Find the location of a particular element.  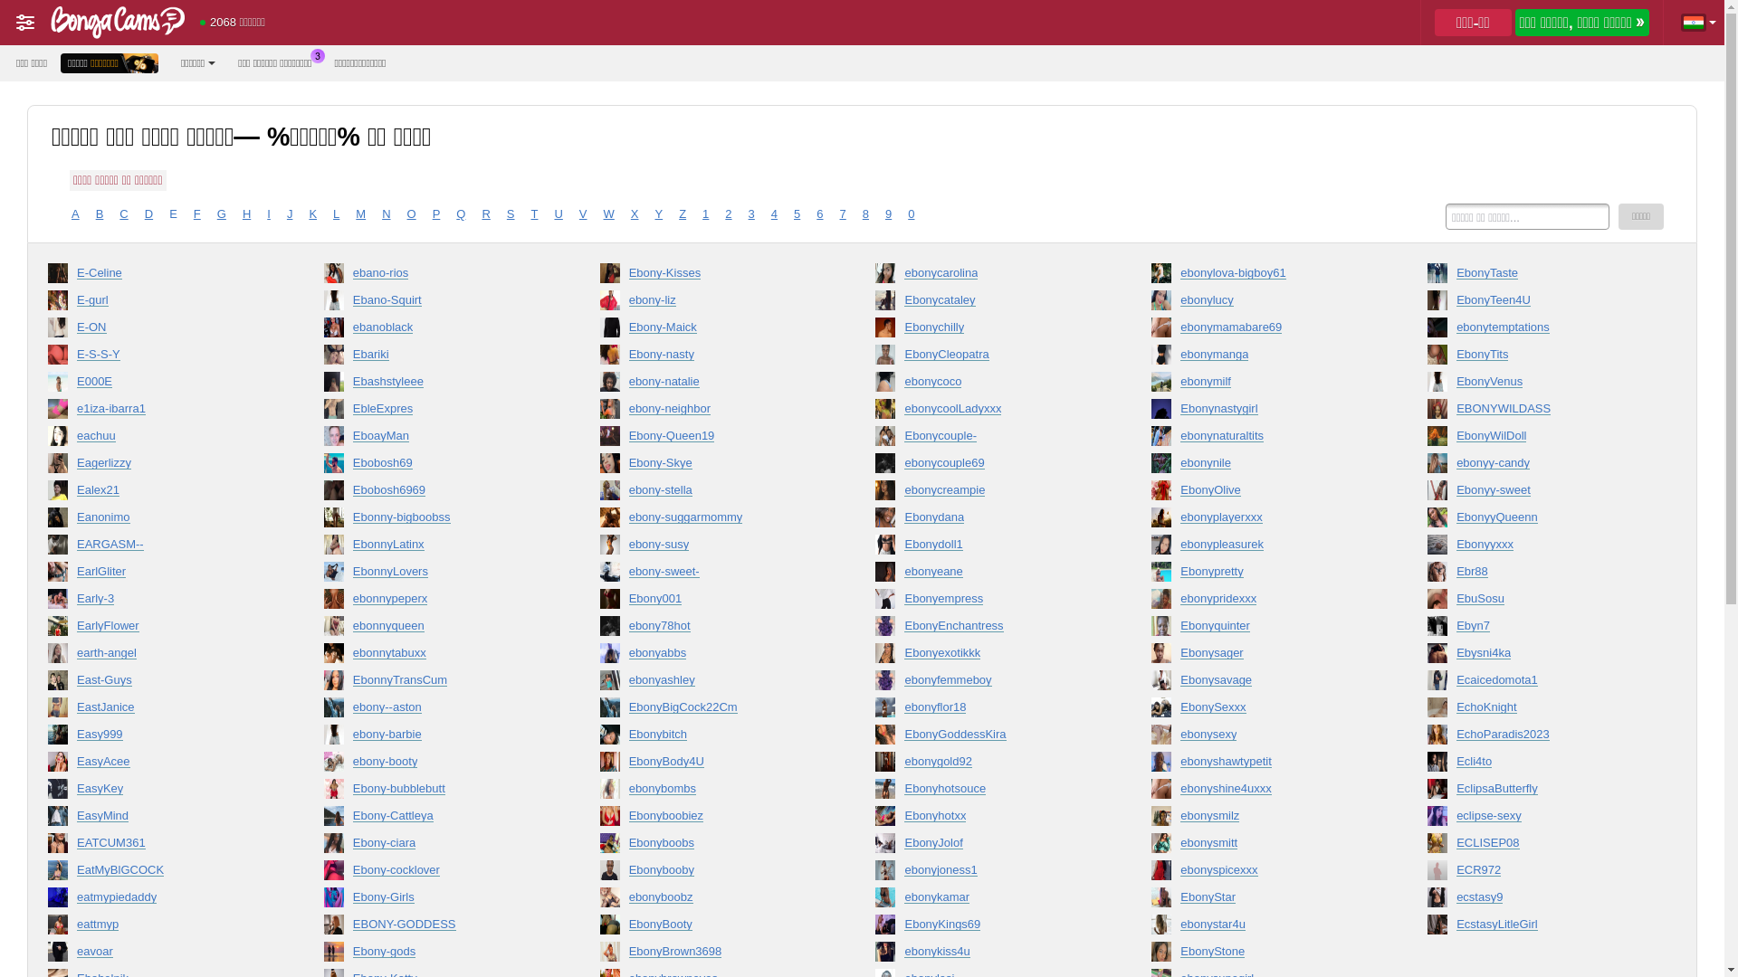

'EarlGliter' is located at coordinates (160, 575).